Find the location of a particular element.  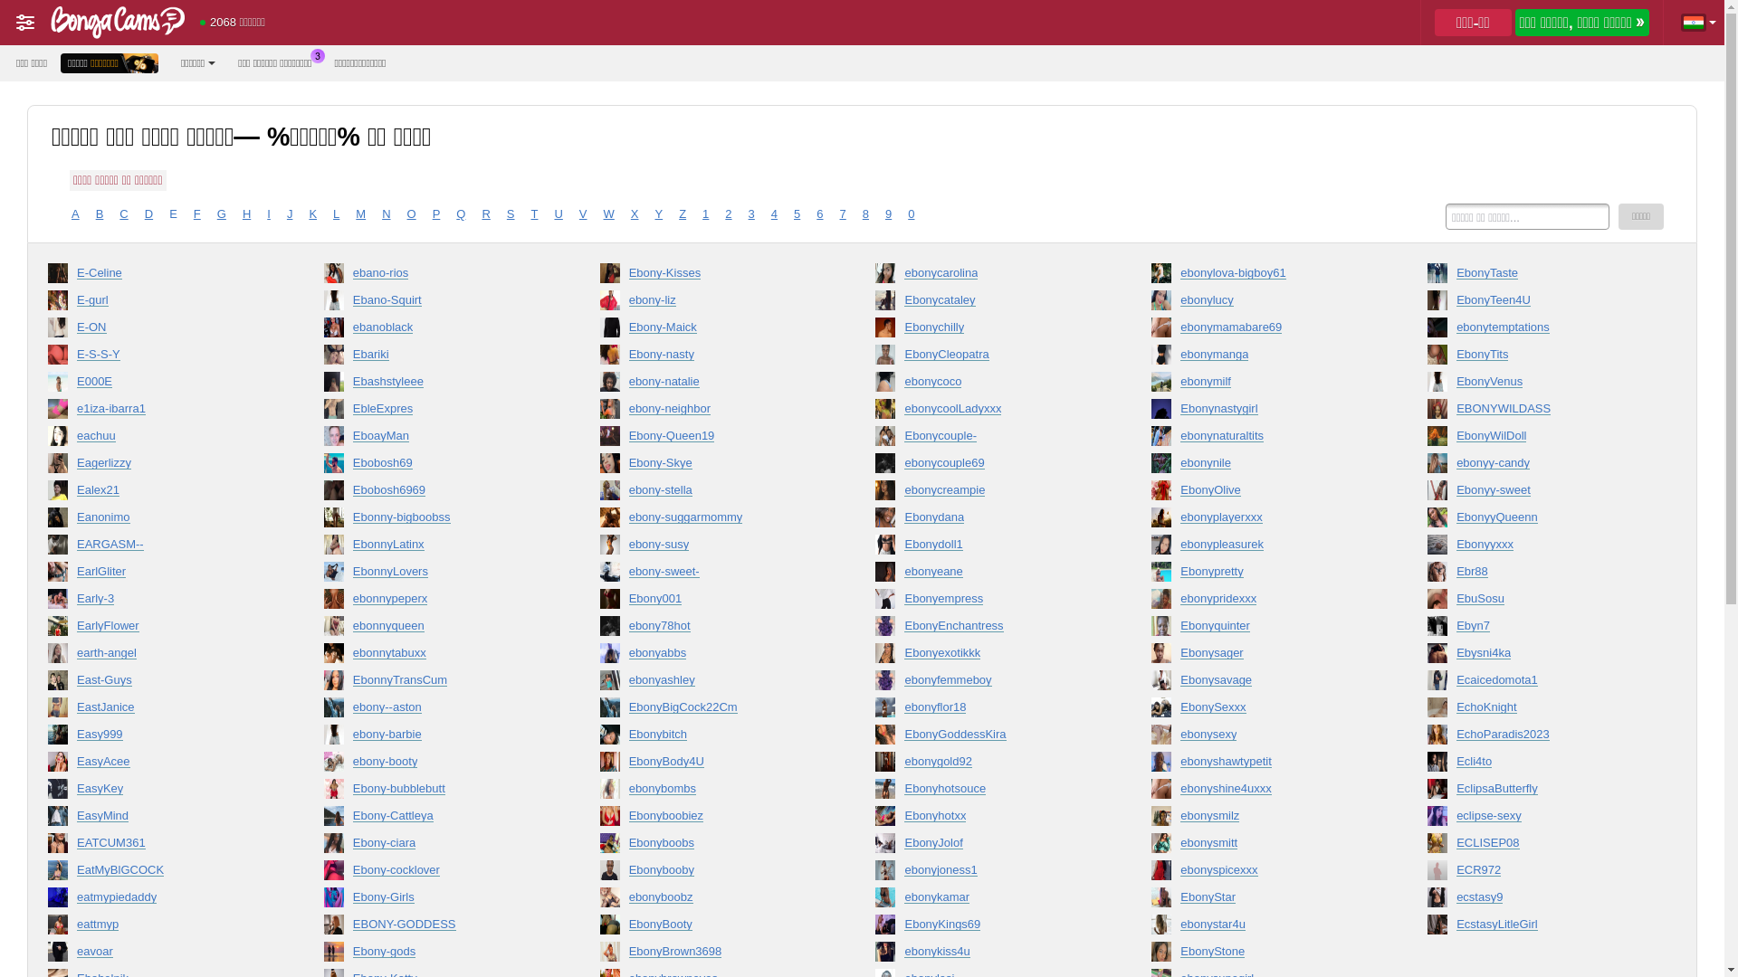

'EarlGliter' is located at coordinates (160, 575).